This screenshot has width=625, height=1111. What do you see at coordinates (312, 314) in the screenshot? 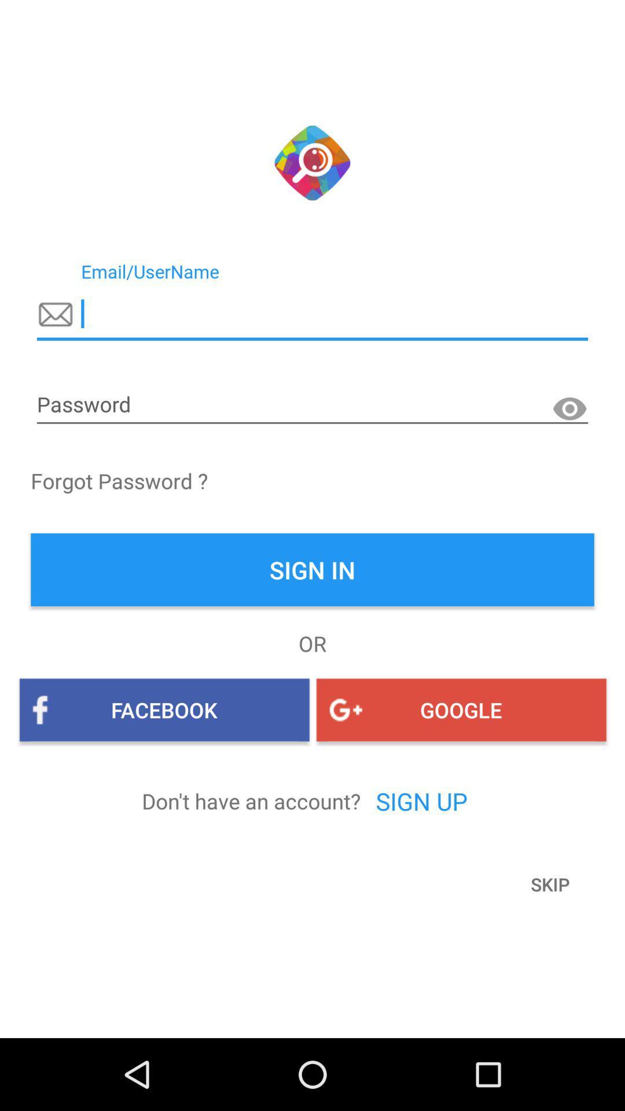
I see `user name` at bounding box center [312, 314].